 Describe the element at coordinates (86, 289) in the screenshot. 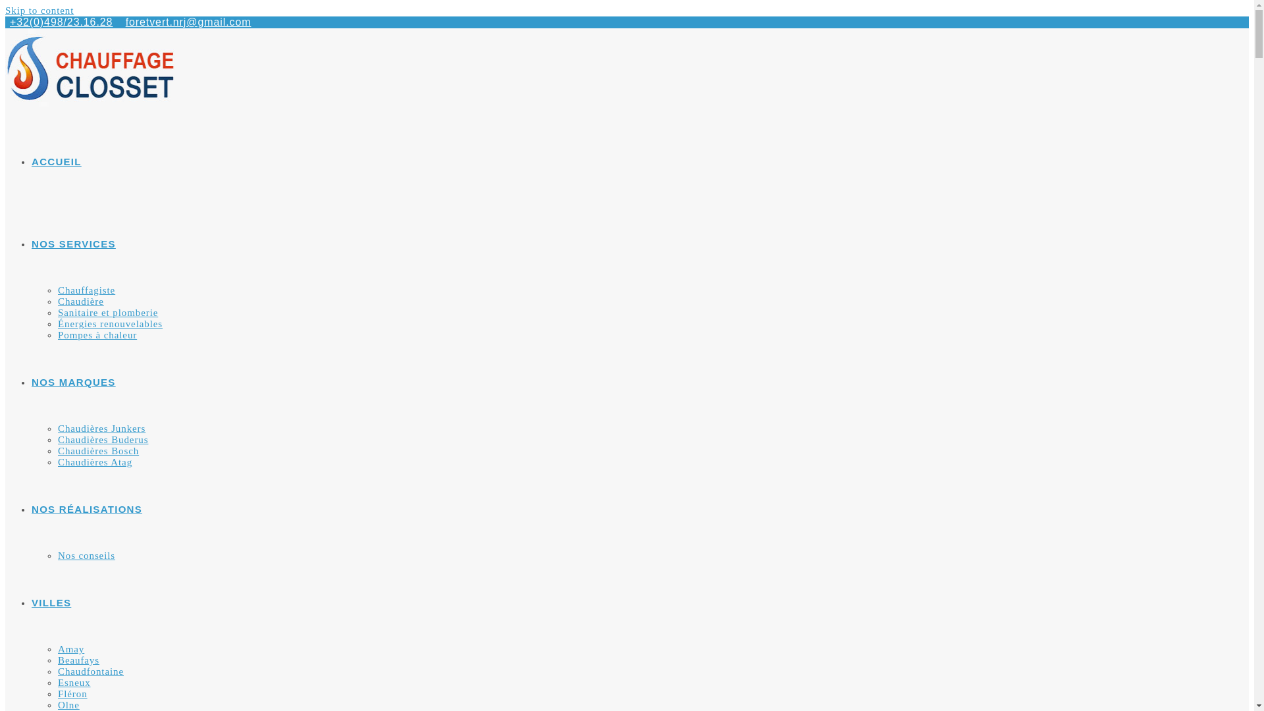

I see `'Chauffagiste'` at that location.